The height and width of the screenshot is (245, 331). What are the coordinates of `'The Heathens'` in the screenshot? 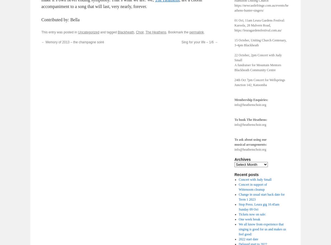 It's located at (155, 32).